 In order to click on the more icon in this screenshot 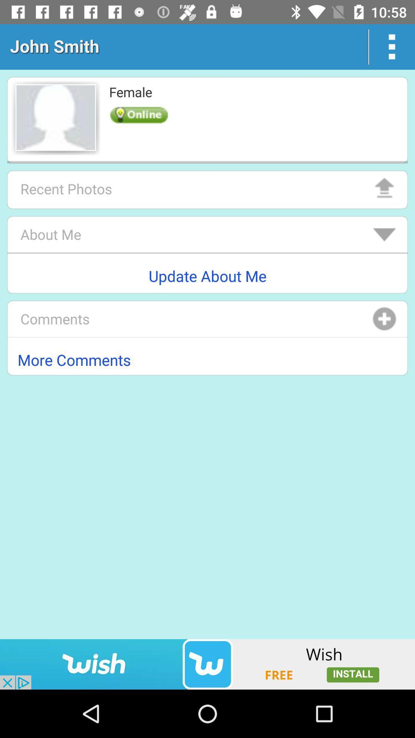, I will do `click(392, 46)`.